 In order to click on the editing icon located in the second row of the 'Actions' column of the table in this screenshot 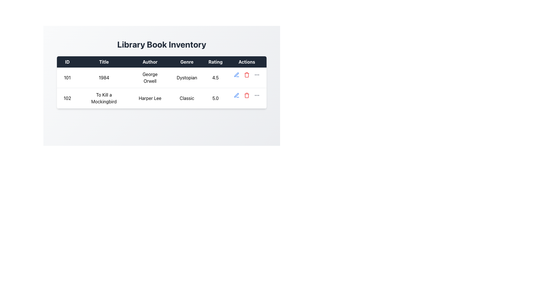, I will do `click(237, 74)`.